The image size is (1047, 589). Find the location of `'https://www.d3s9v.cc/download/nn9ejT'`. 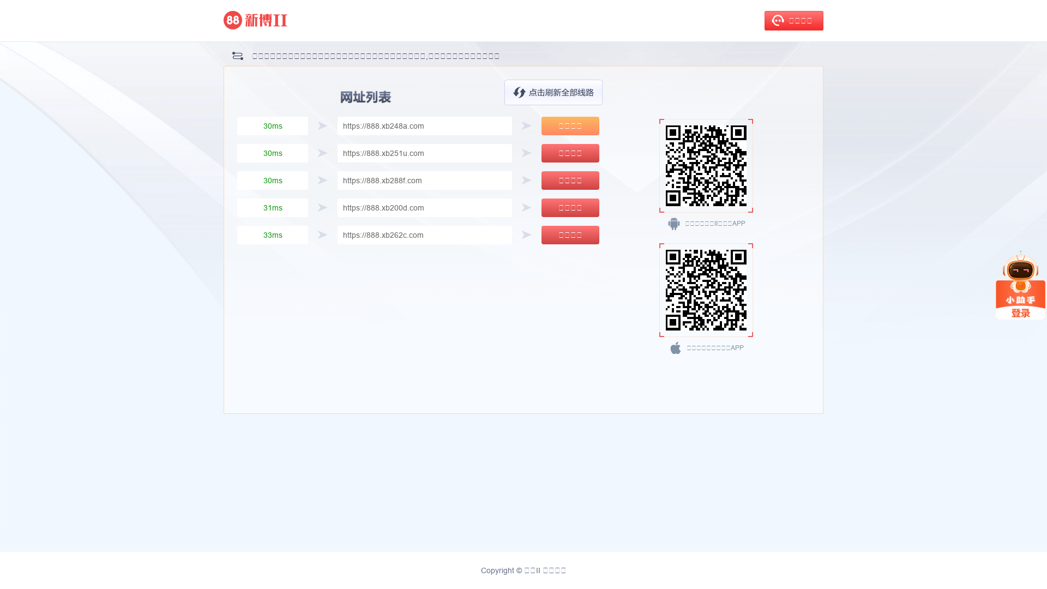

'https://www.d3s9v.cc/download/nn9ejT' is located at coordinates (706, 290).